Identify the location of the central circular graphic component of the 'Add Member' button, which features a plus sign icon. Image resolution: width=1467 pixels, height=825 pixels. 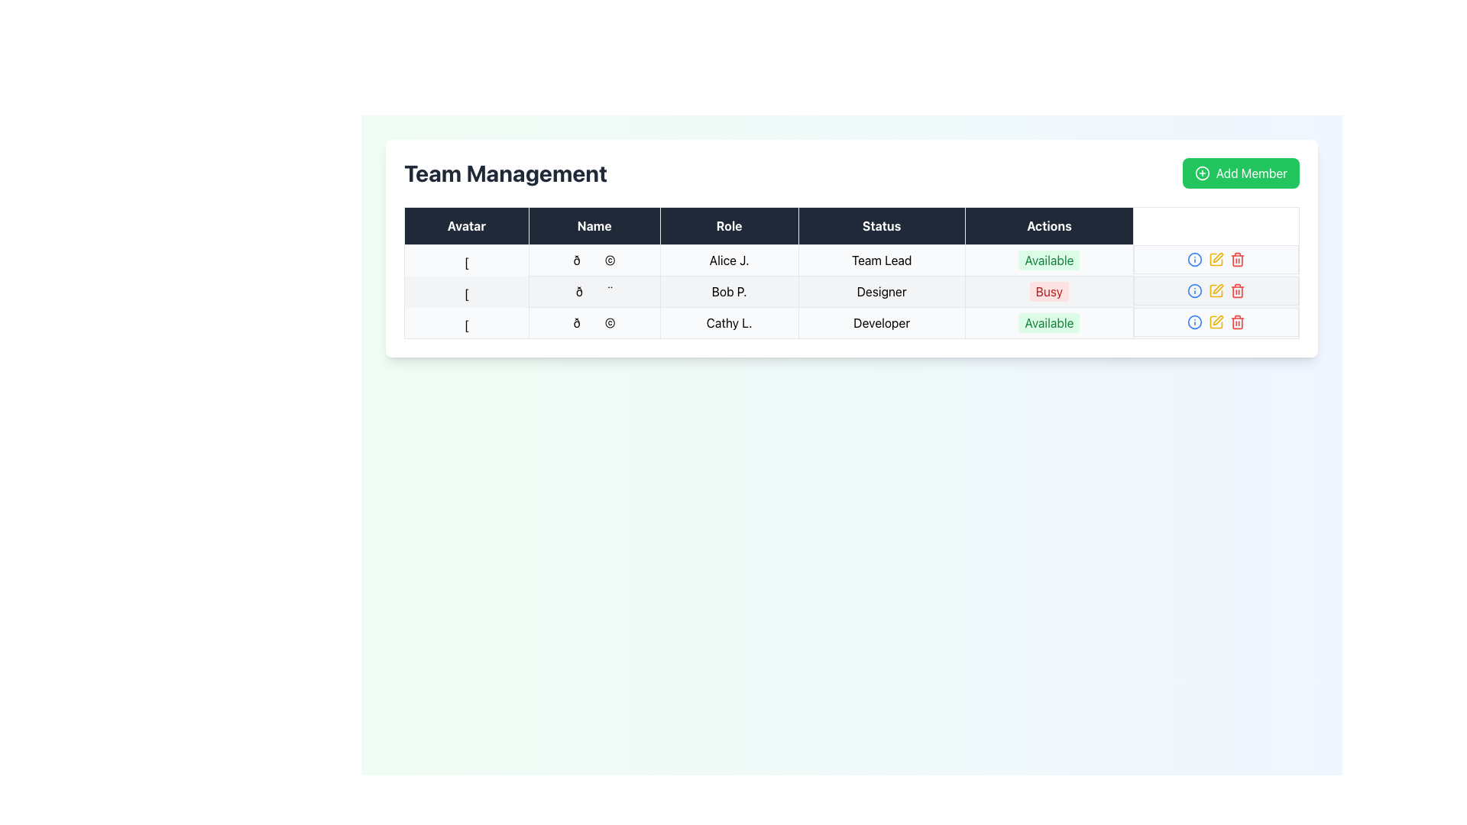
(1201, 173).